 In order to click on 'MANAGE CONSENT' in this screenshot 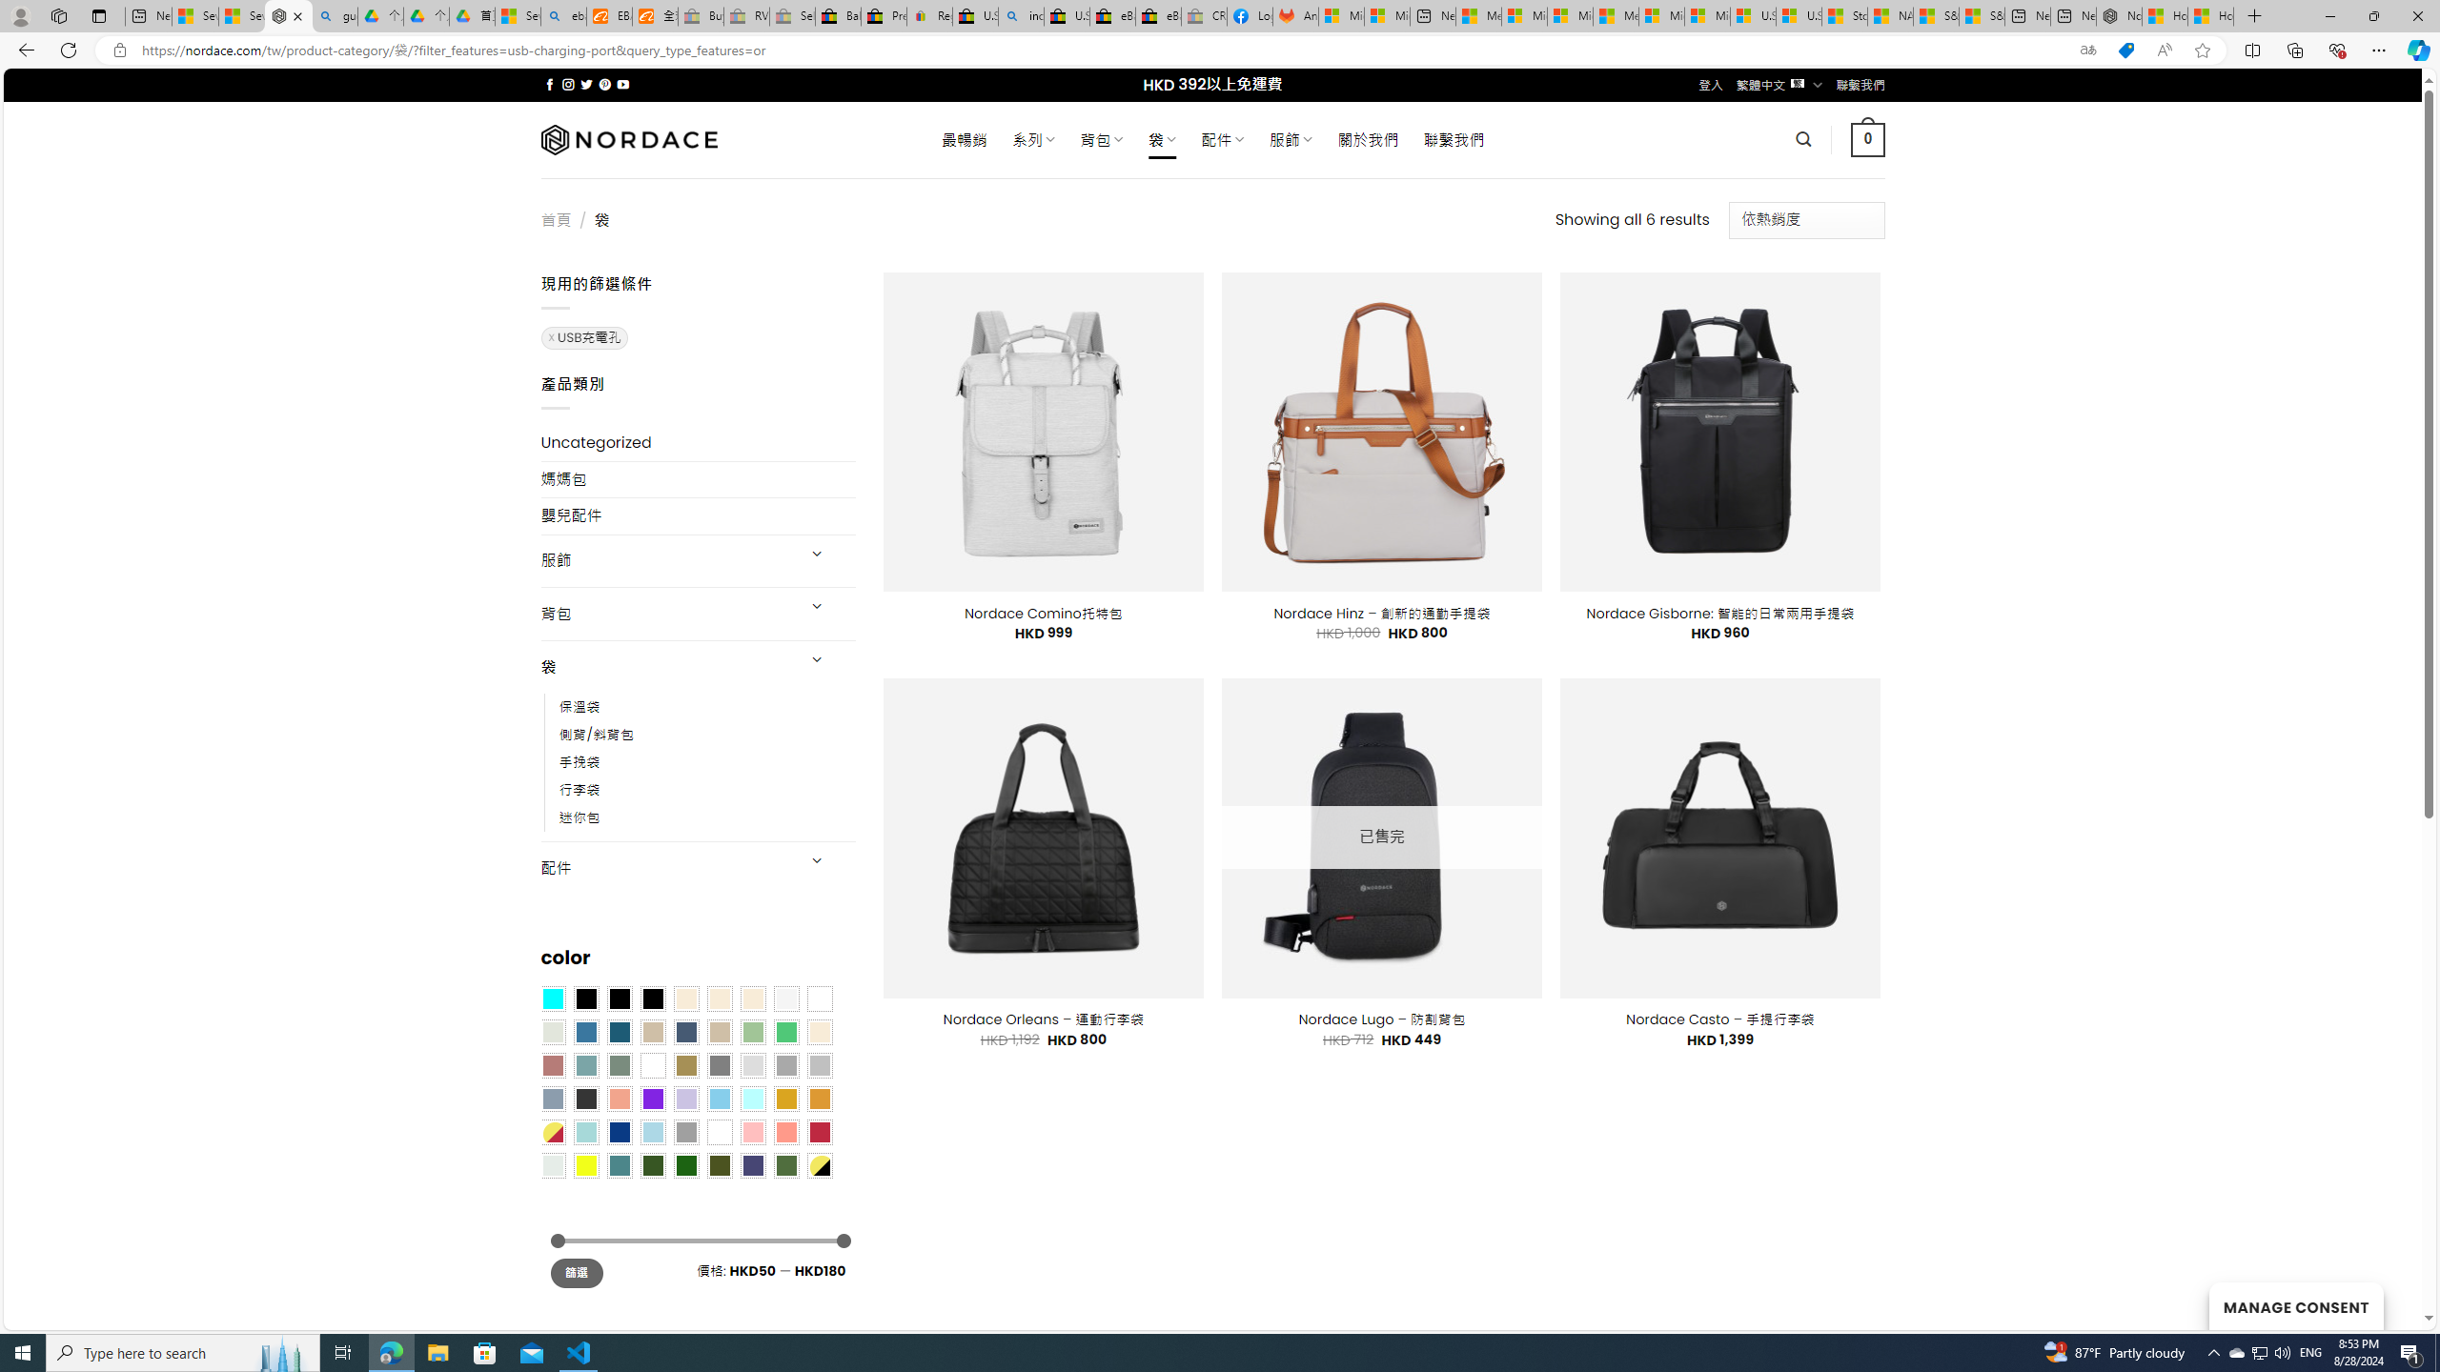, I will do `click(2295, 1305)`.